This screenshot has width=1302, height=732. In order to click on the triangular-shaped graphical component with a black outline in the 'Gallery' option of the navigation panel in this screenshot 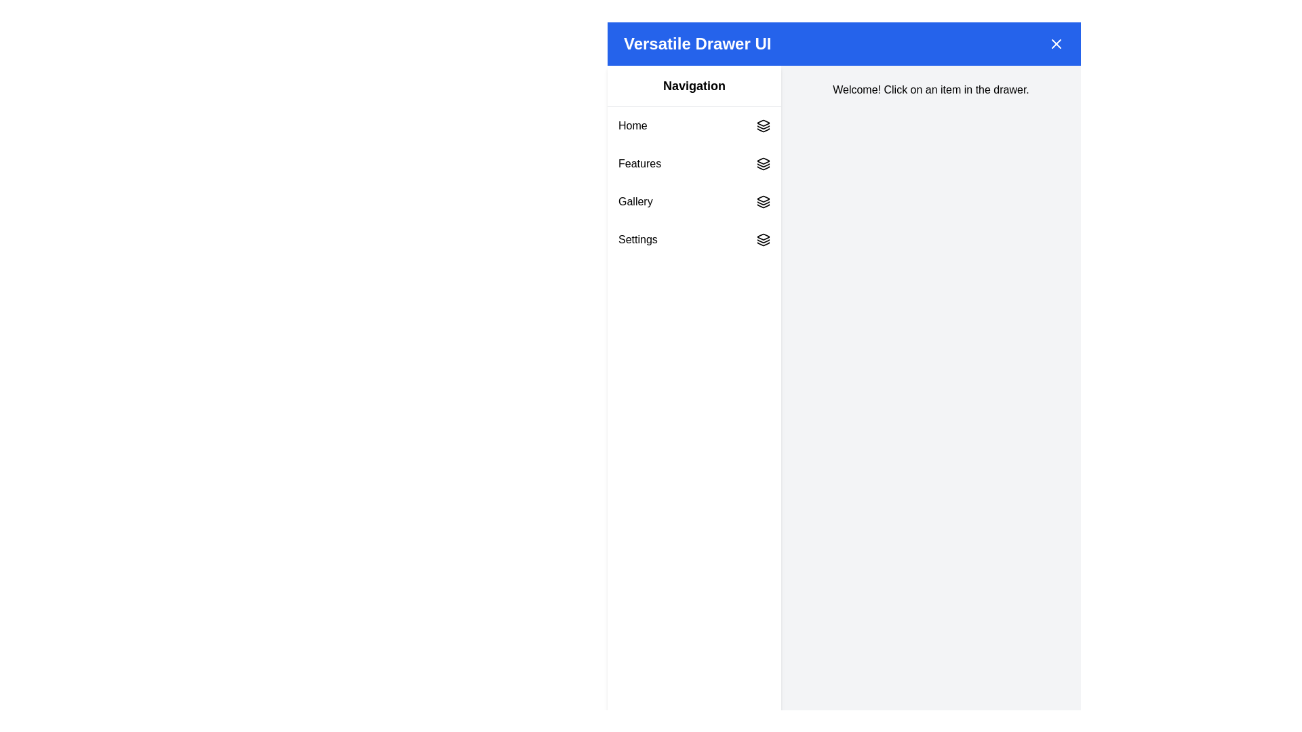, I will do `click(764, 206)`.